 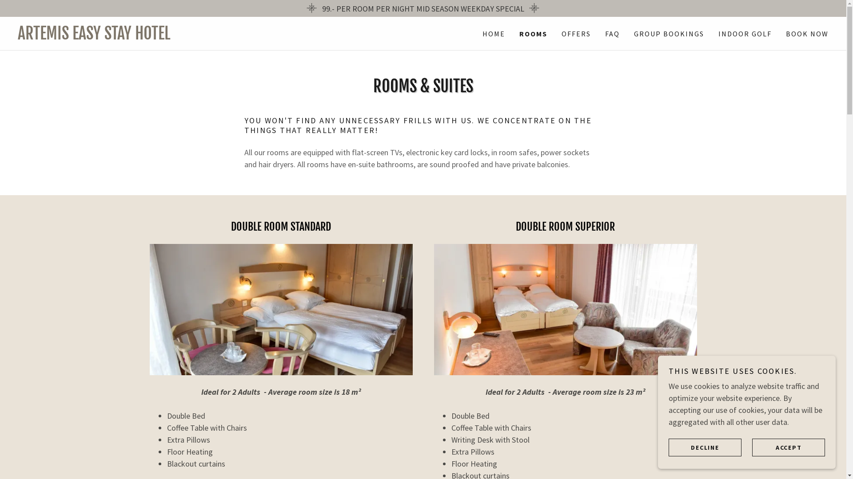 What do you see at coordinates (789, 447) in the screenshot?
I see `'ACCEPT'` at bounding box center [789, 447].